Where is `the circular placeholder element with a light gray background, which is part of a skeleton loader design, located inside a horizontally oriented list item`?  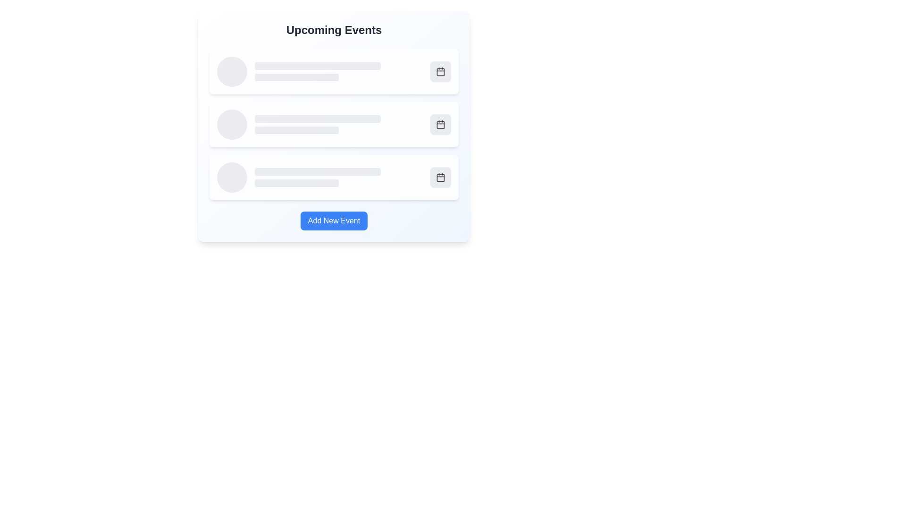 the circular placeholder element with a light gray background, which is part of a skeleton loader design, located inside a horizontally oriented list item is located at coordinates (232, 124).